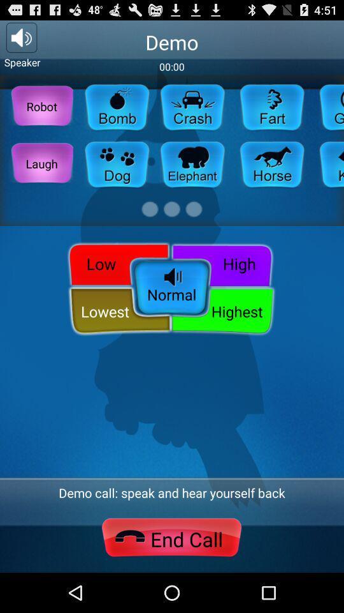 This screenshot has height=613, width=344. Describe the element at coordinates (41, 163) in the screenshot. I see `laugh item` at that location.